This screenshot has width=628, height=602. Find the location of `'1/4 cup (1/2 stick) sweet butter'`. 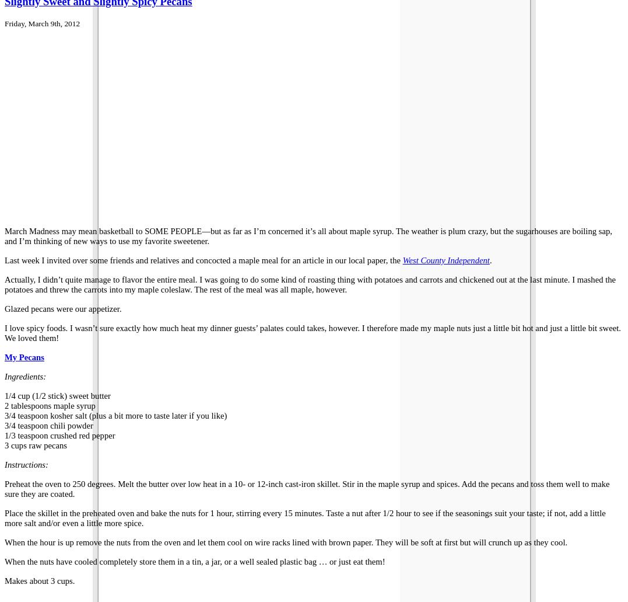

'1/4 cup (1/2 stick) sweet butter' is located at coordinates (3, 395).